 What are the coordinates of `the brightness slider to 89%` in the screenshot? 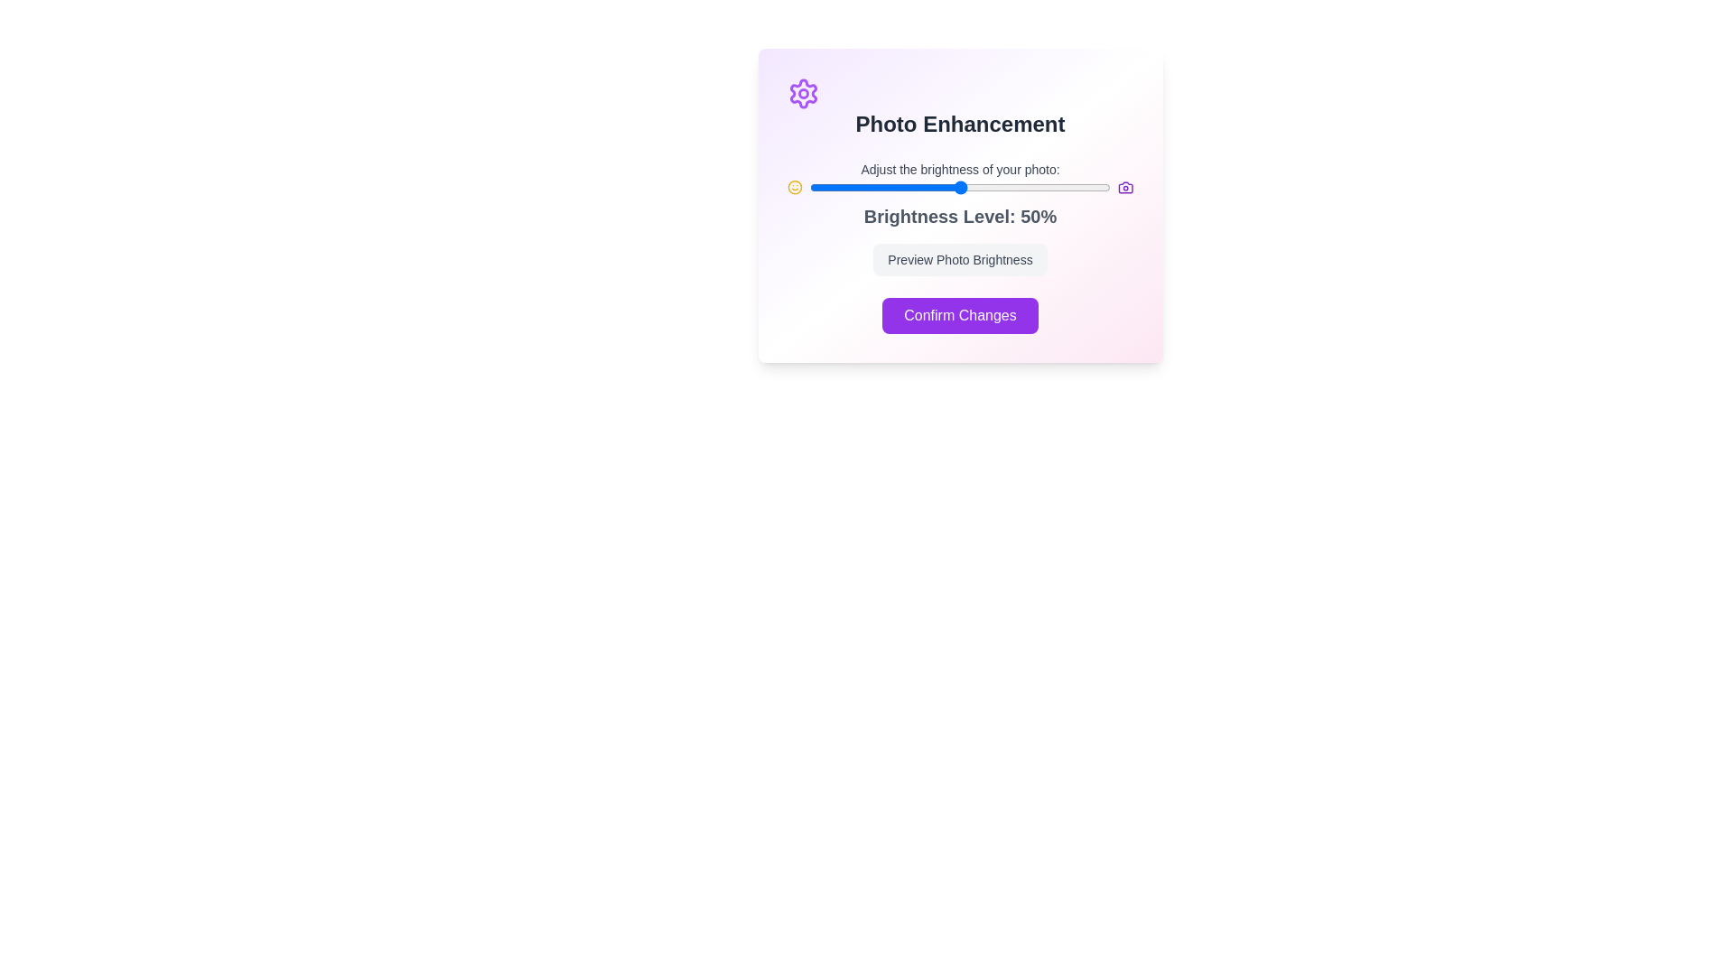 It's located at (1077, 188).